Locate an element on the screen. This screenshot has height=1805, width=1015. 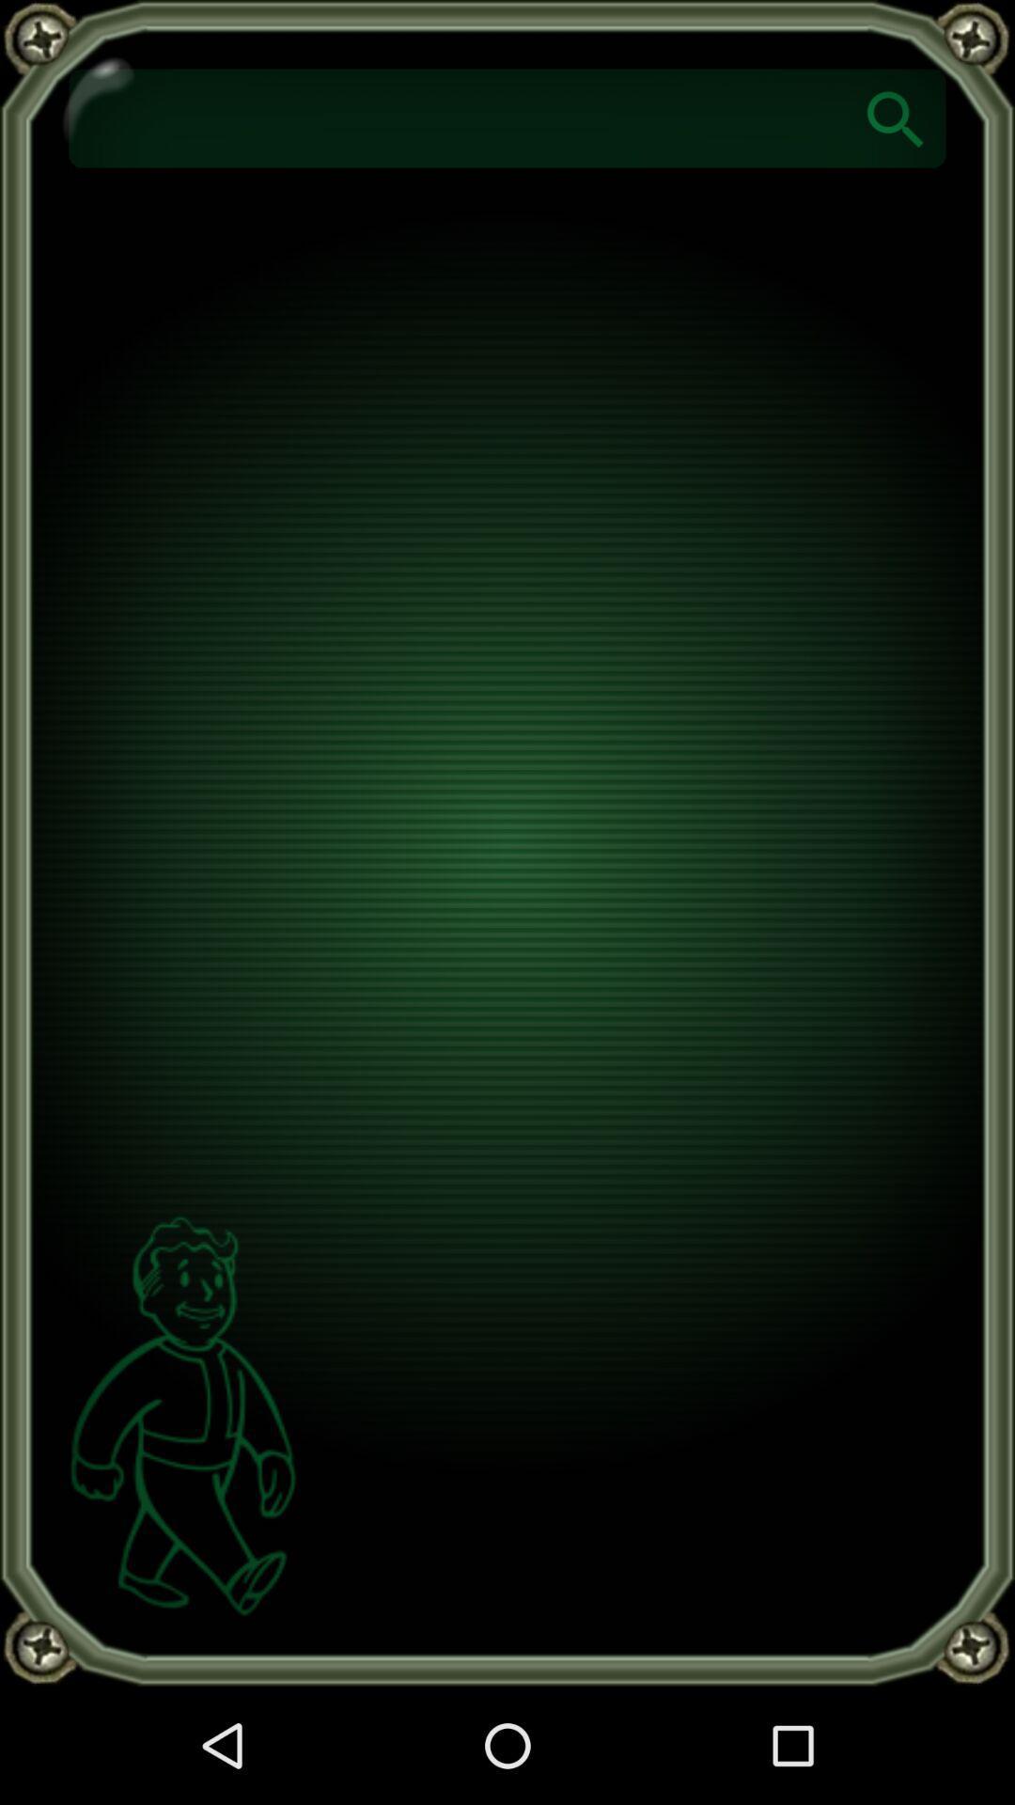
search of the option is located at coordinates (895, 117).